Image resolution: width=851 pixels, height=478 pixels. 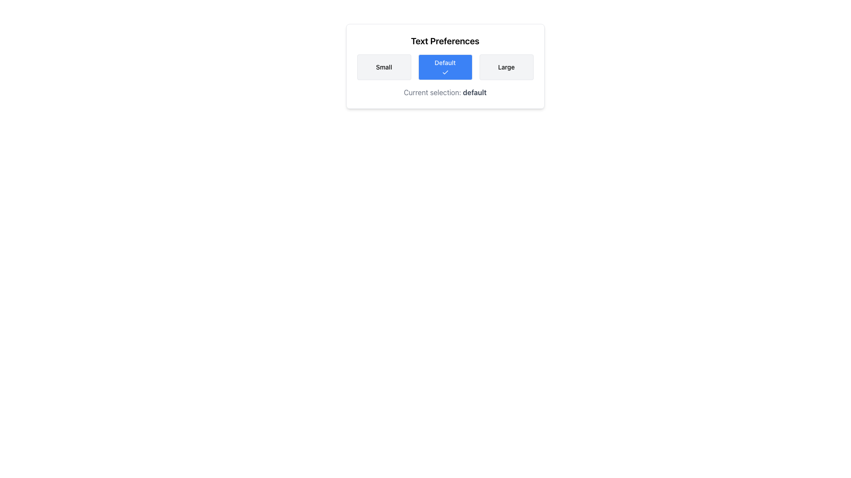 I want to click on the 'Large' text size button located on the far right of a horizontal grid of three buttons labeled 'Small', 'Default', and 'Large', so click(x=506, y=66).